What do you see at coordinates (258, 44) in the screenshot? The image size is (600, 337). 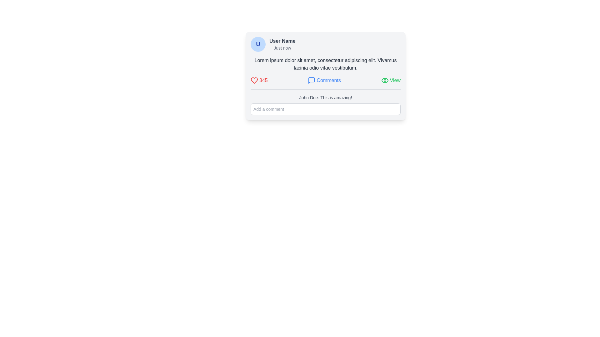 I see `the circular avatar icon with a blue background that contains the letter 'U' in bold font, located on the top-left side of the user card component` at bounding box center [258, 44].